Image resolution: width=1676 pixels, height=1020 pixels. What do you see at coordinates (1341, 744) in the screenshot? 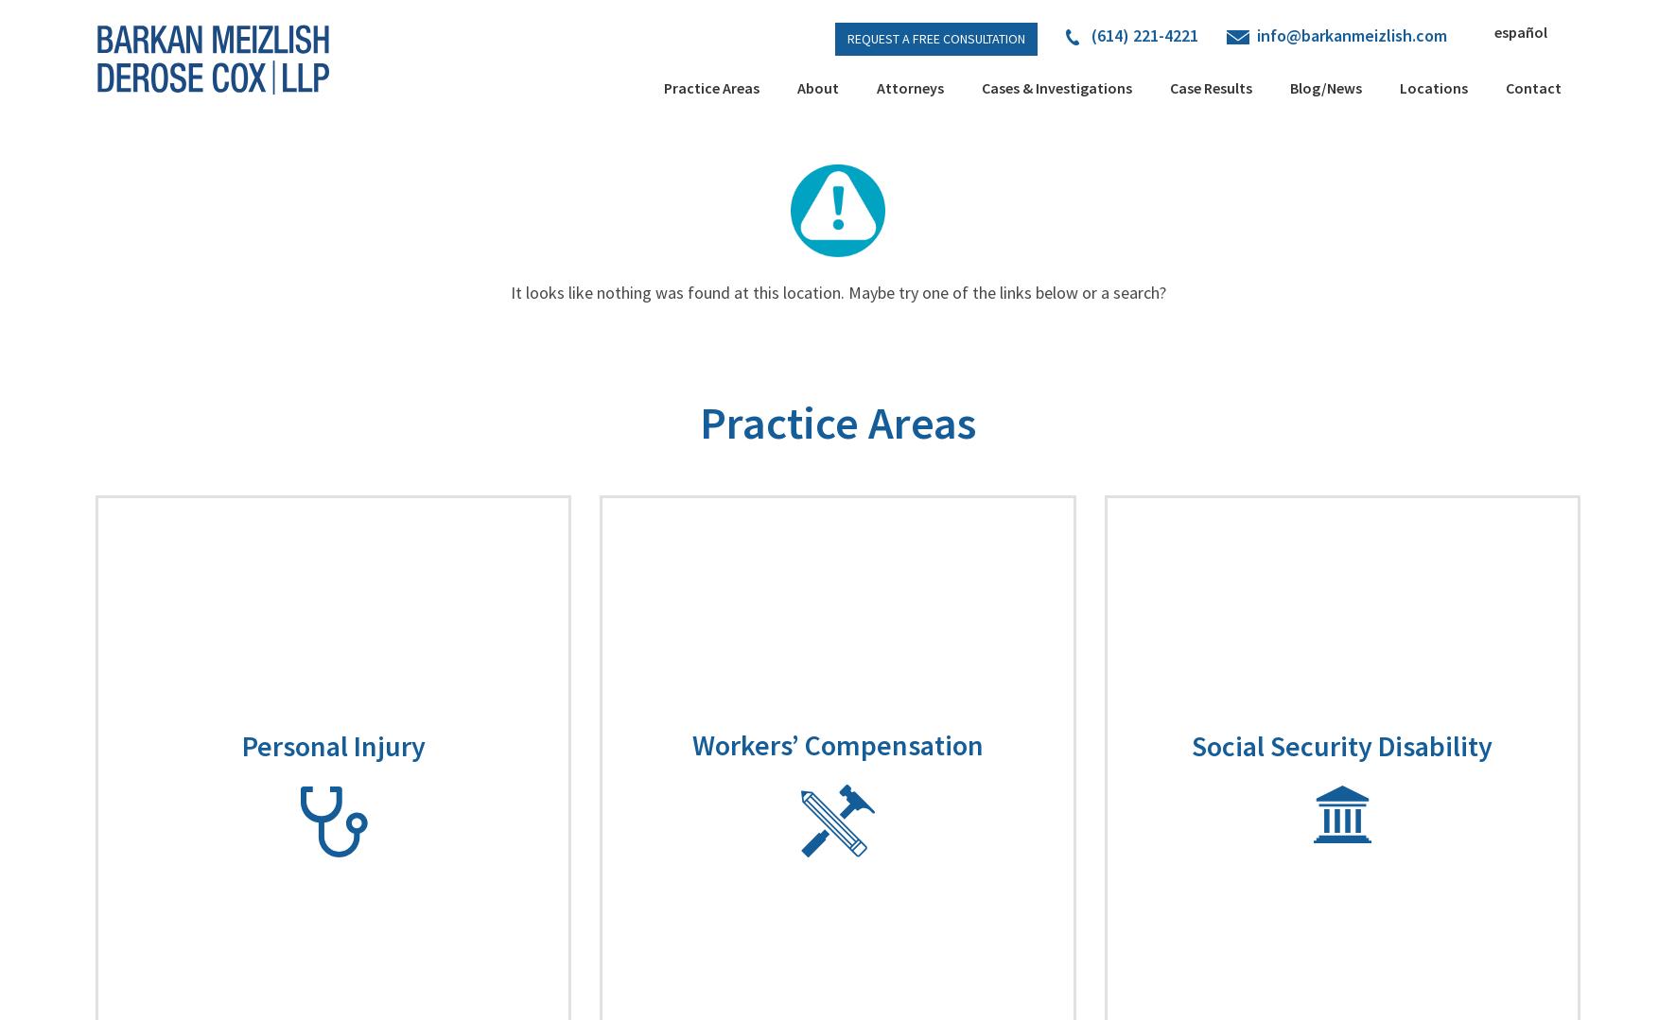
I see `'Social Security Disability'` at bounding box center [1341, 744].